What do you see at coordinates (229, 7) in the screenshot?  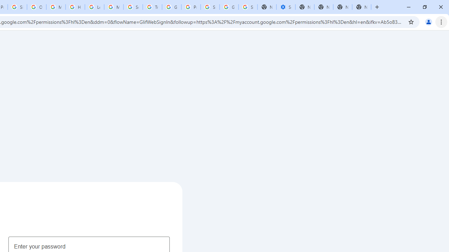 I see `'Google Cybersecurity Innovations - Google Safety Center'` at bounding box center [229, 7].